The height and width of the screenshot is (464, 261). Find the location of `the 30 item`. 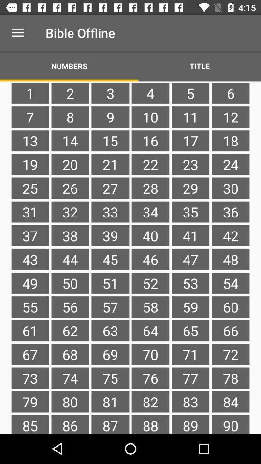

the 30 item is located at coordinates (230, 188).